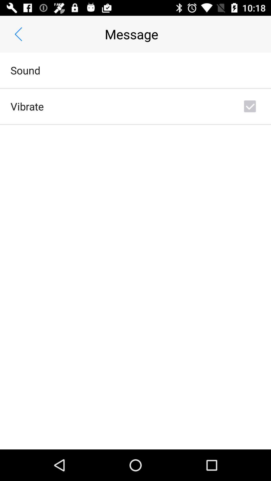  What do you see at coordinates (25, 70) in the screenshot?
I see `the icon above the vibrate item` at bounding box center [25, 70].